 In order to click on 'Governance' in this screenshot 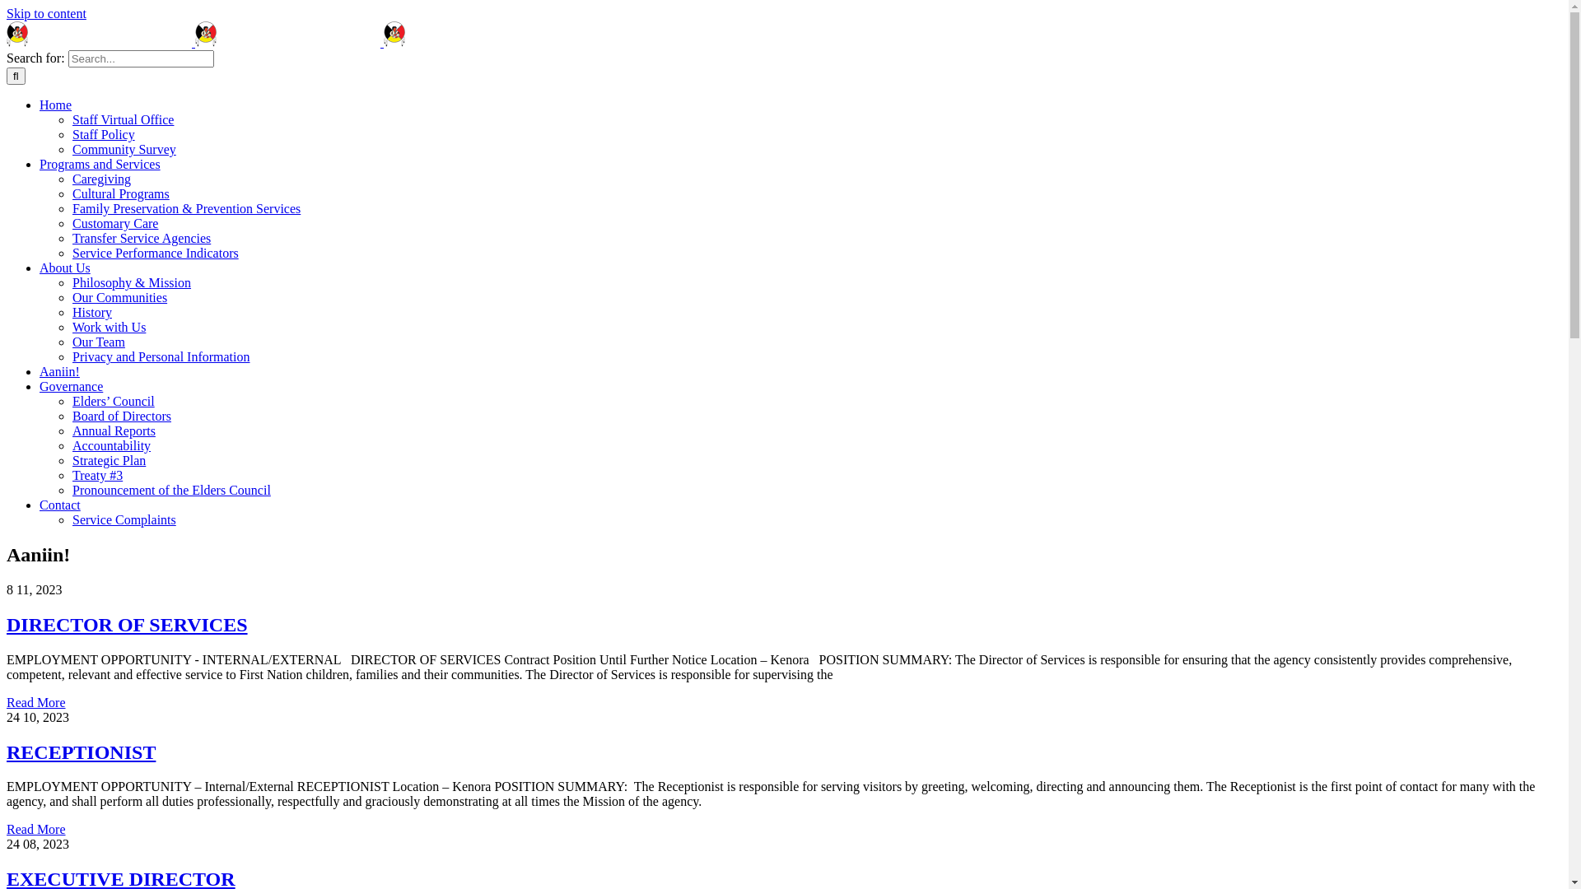, I will do `click(70, 386)`.